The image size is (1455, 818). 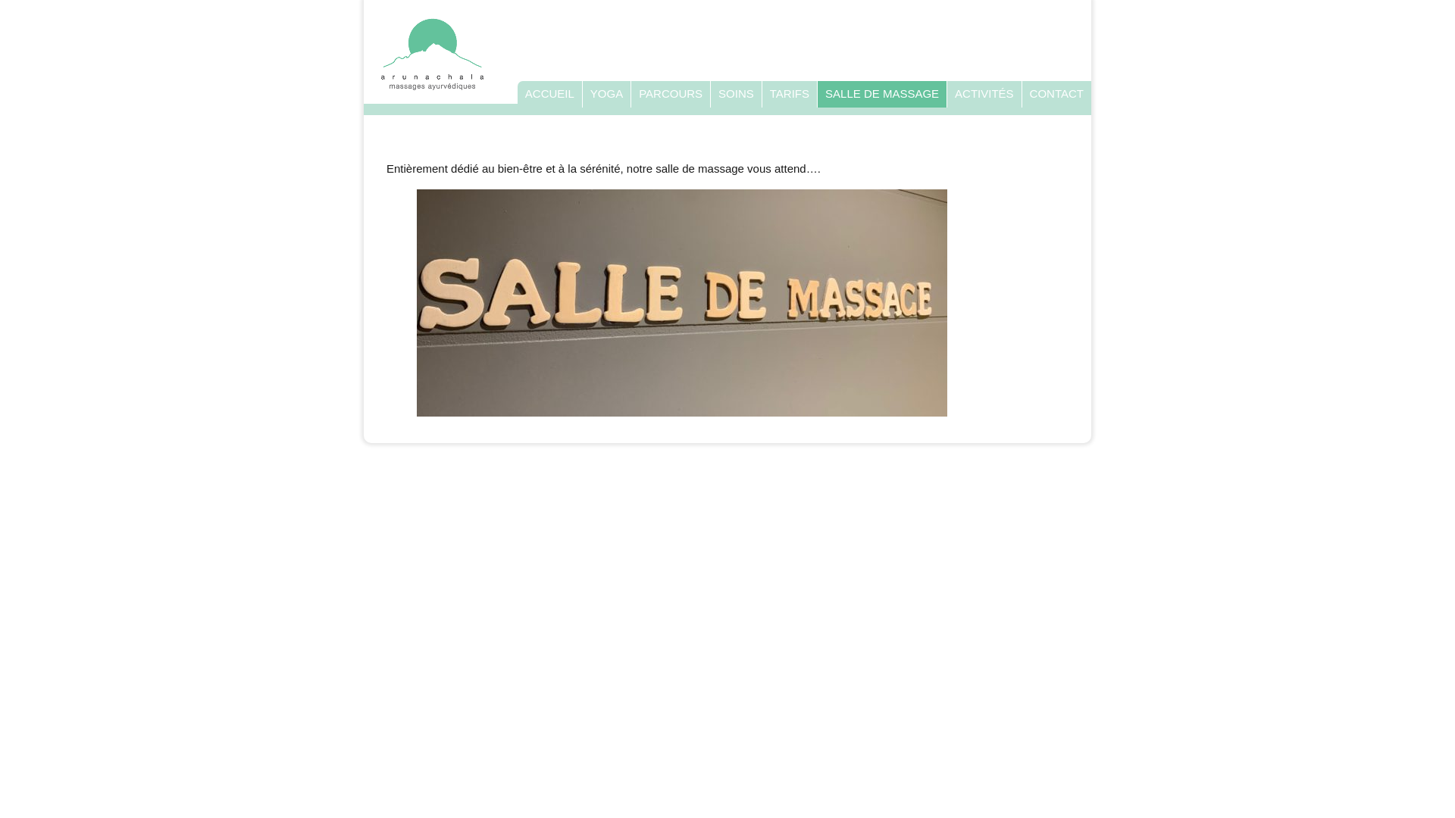 I want to click on 'Logo Arunachala', so click(x=378, y=52).